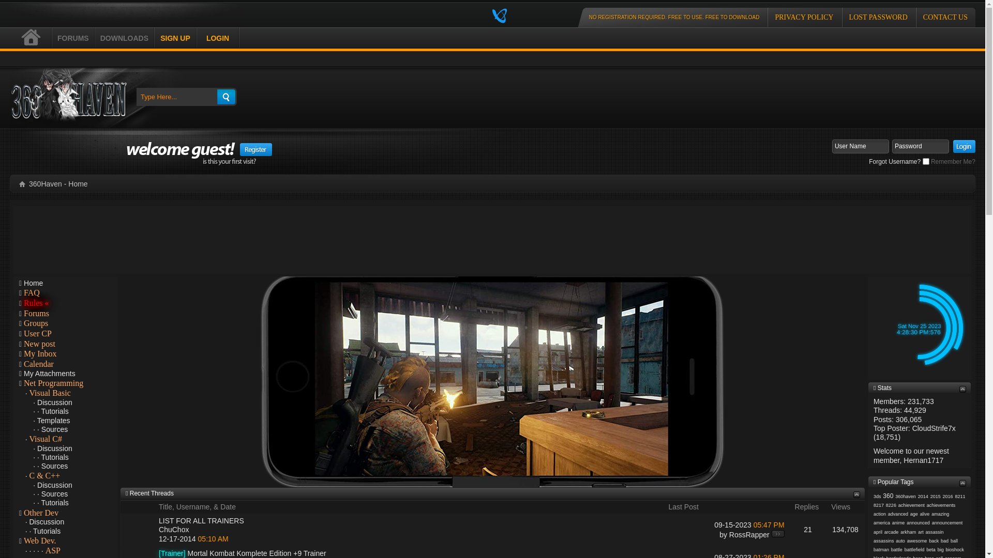 This screenshot has height=558, width=993. Describe the element at coordinates (174, 530) in the screenshot. I see `'ChuChox'` at that location.